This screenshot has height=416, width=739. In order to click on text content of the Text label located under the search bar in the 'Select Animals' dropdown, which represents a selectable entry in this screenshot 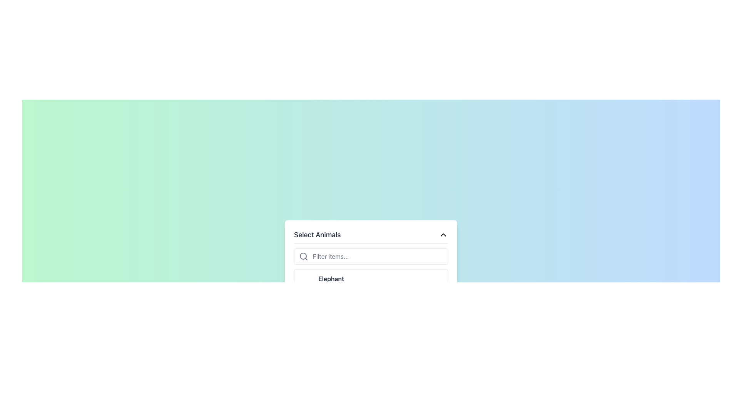, I will do `click(331, 278)`.